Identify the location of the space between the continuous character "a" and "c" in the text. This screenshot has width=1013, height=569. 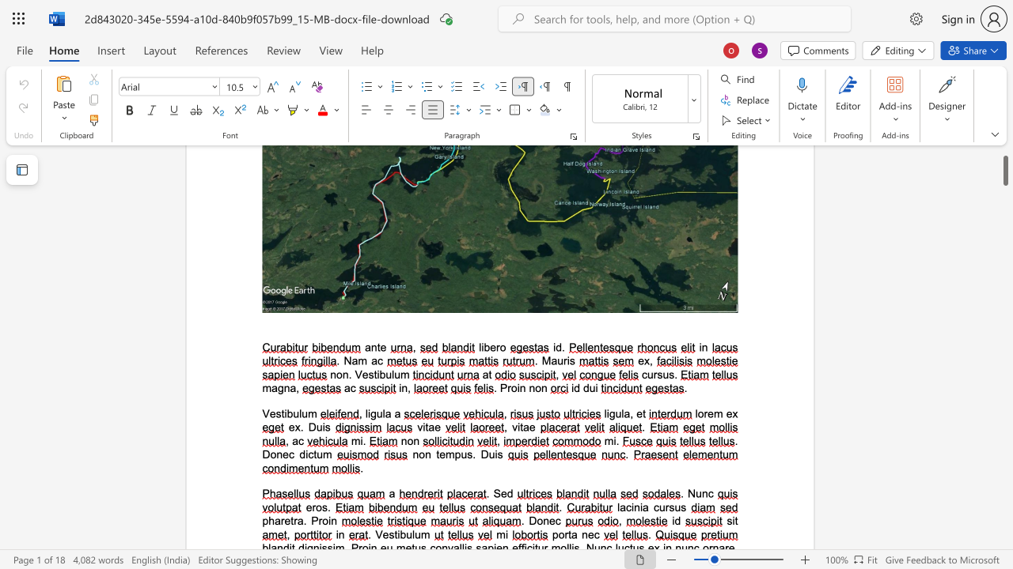
(624, 507).